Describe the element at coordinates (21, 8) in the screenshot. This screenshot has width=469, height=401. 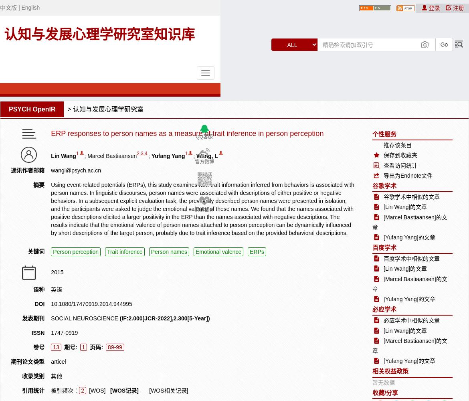
I see `'English'` at that location.